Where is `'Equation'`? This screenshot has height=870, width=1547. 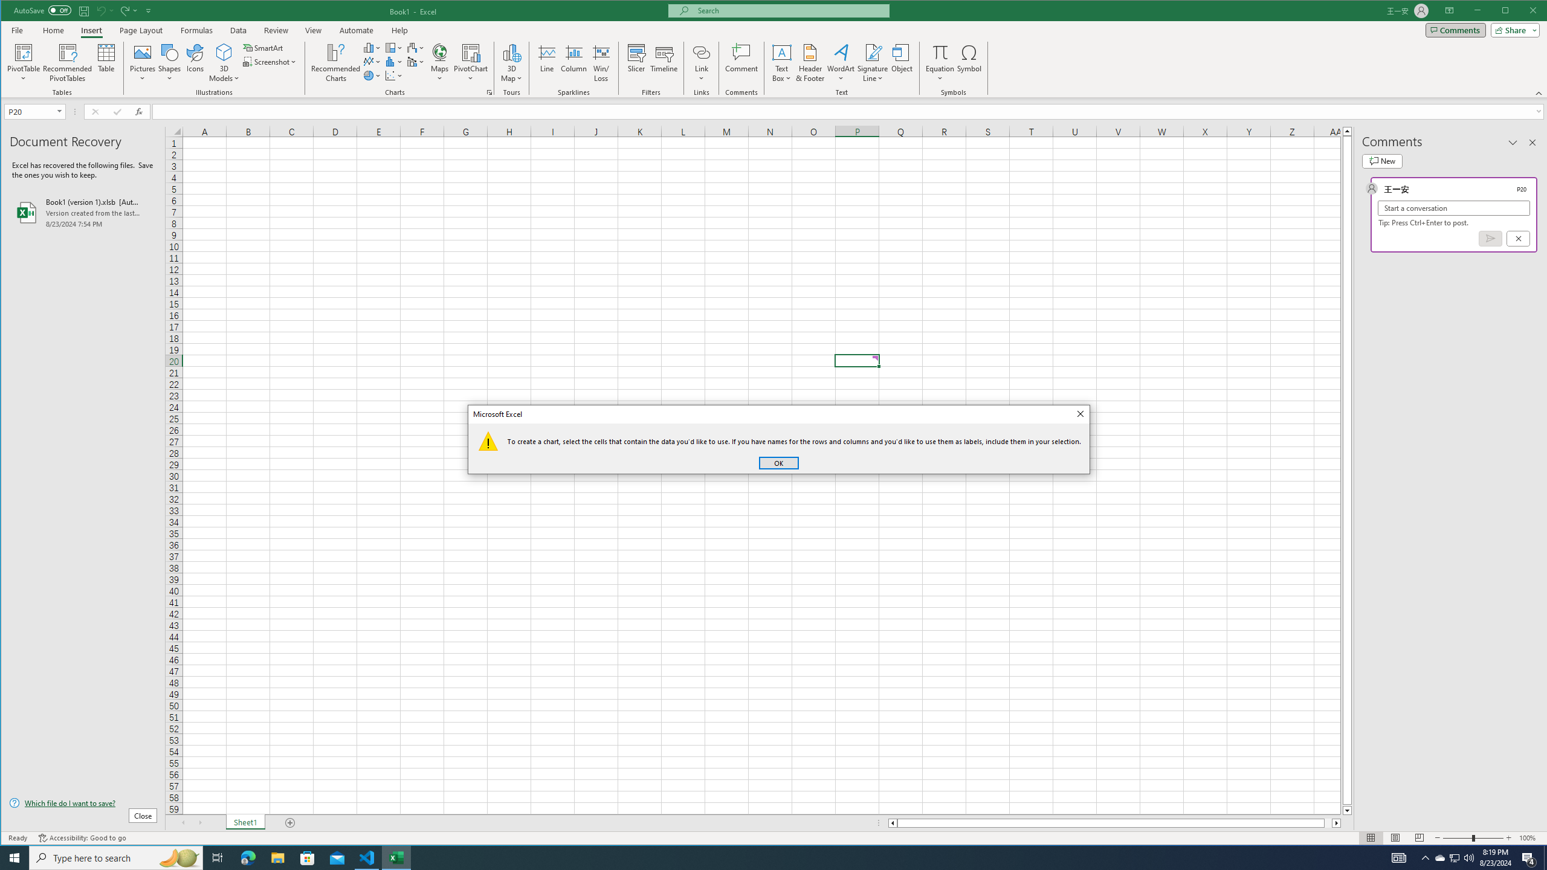
'Equation' is located at coordinates (940, 62).